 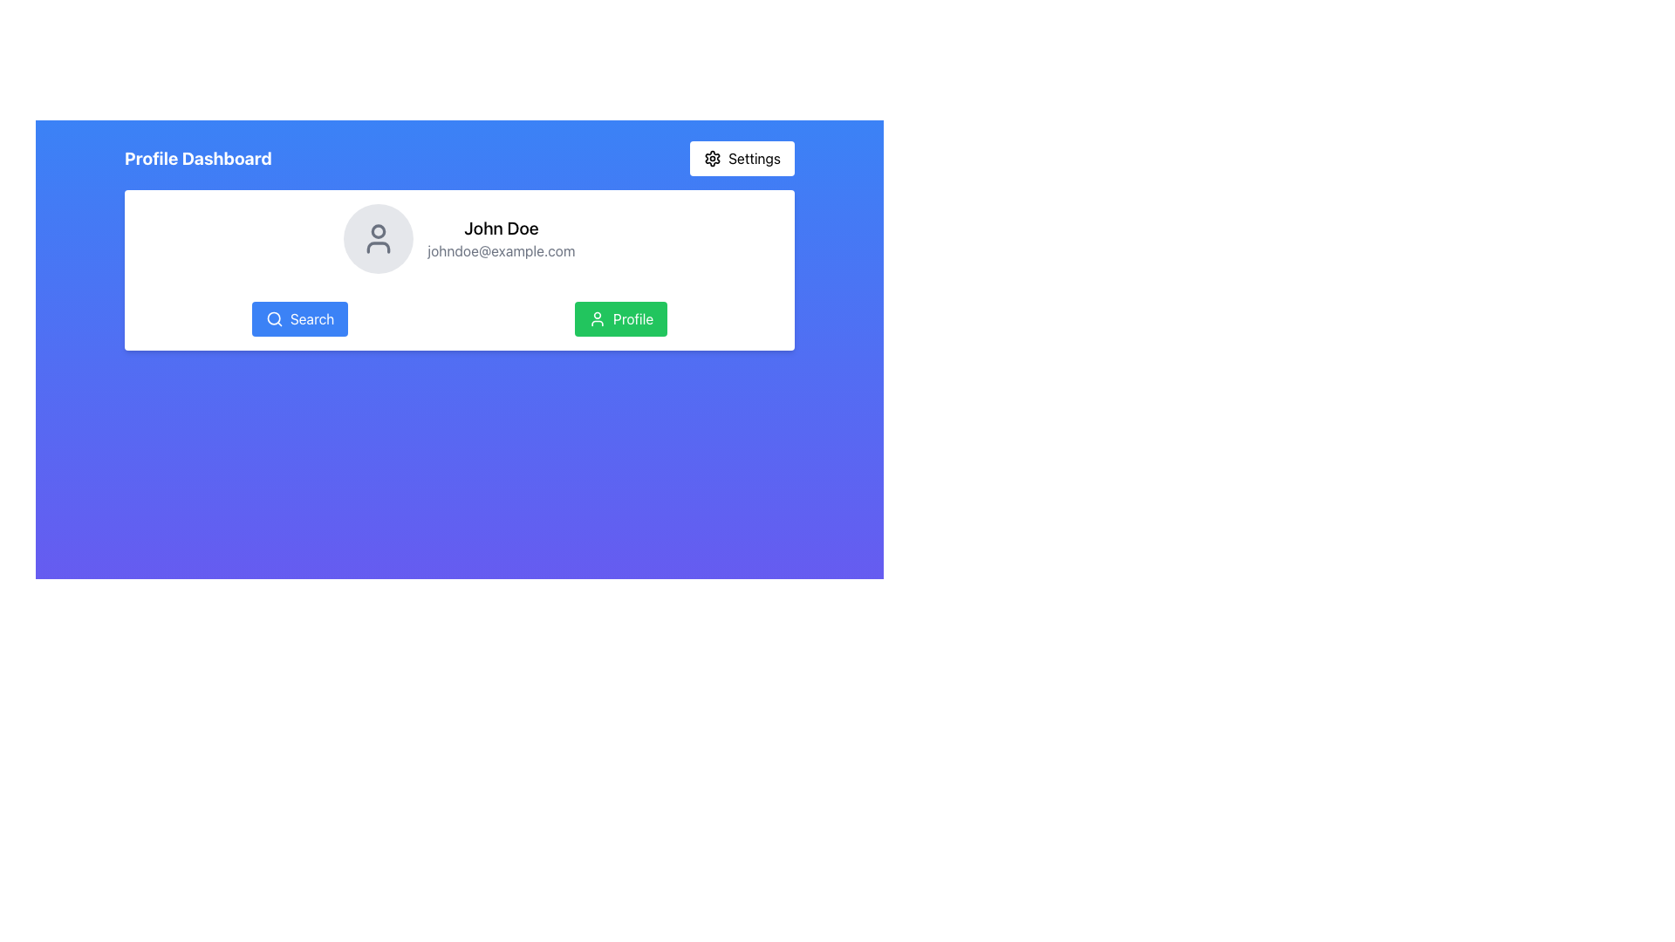 I want to click on the gear icon representing settings, which is located to the left of the text 'Settings', so click(x=713, y=158).